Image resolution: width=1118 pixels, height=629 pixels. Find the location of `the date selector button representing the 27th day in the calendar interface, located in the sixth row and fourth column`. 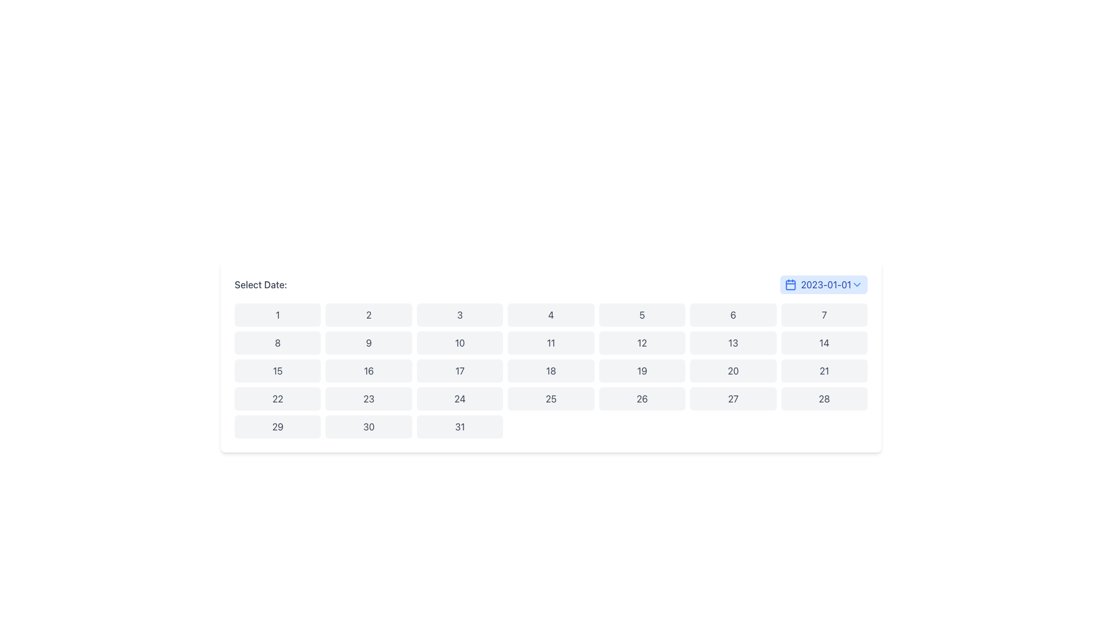

the date selector button representing the 27th day in the calendar interface, located in the sixth row and fourth column is located at coordinates (733, 398).